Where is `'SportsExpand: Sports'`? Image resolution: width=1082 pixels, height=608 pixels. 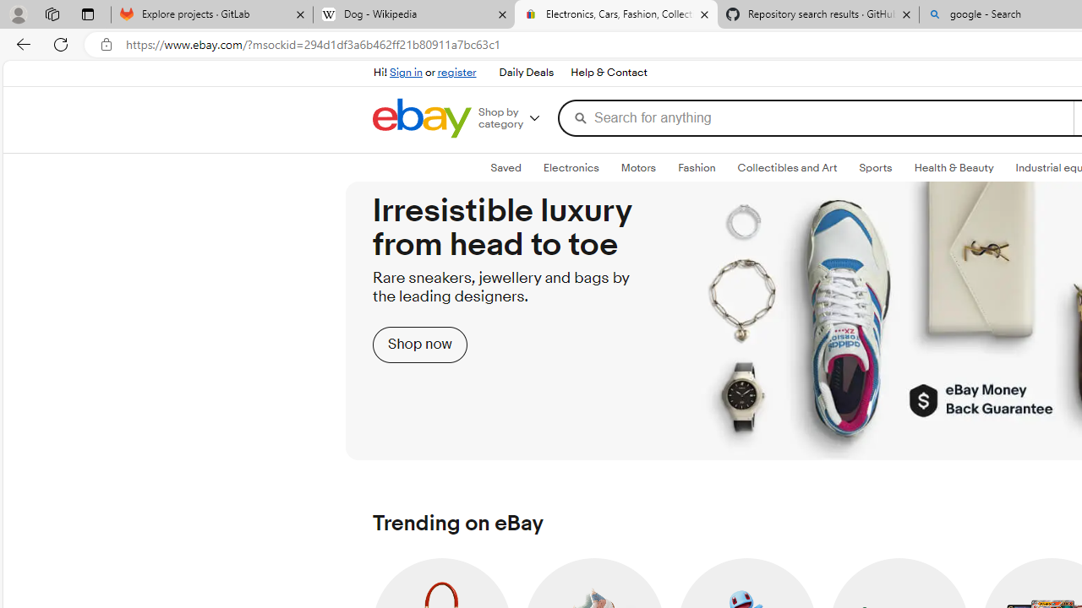 'SportsExpand: Sports' is located at coordinates (876, 168).